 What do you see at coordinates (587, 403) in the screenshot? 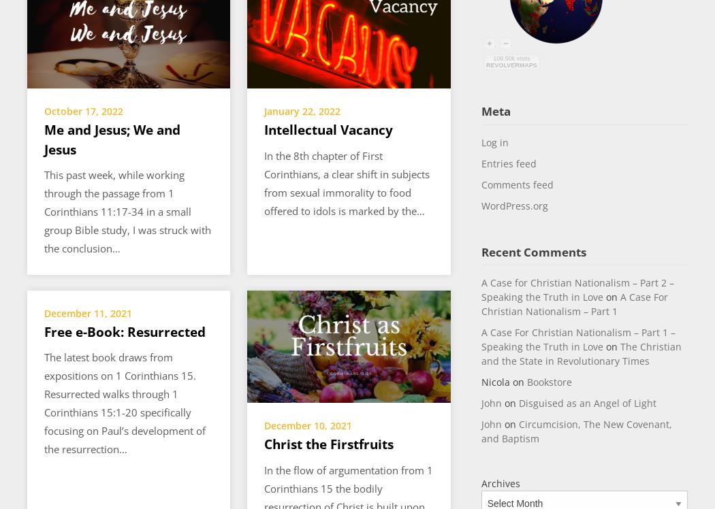
I see `'Disguised as an Angel of Light'` at bounding box center [587, 403].